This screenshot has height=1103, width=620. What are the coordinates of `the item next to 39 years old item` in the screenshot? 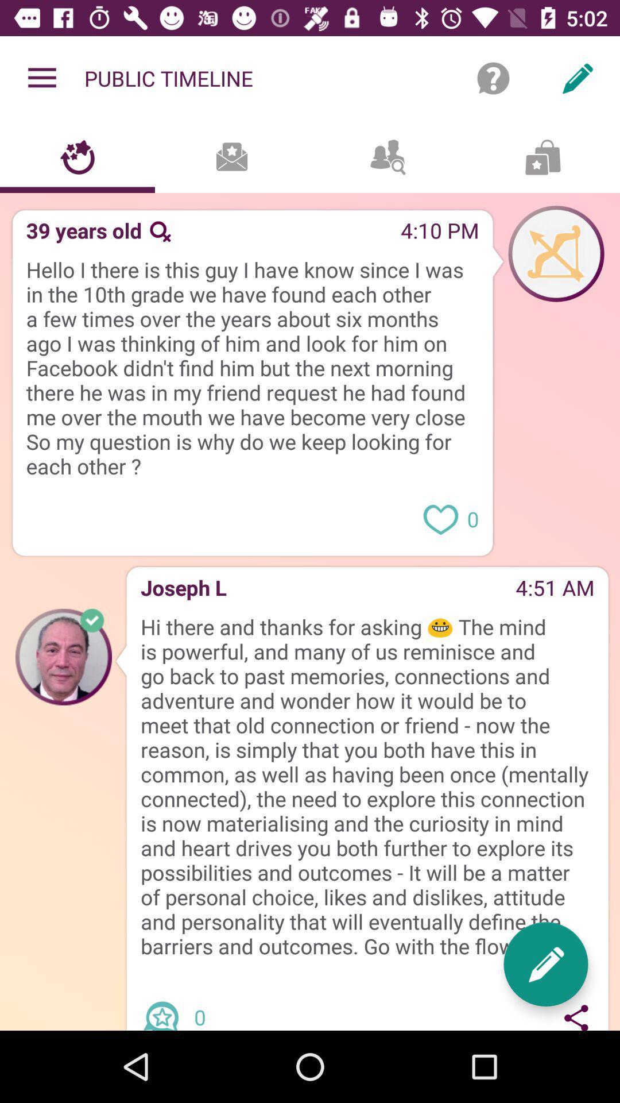 It's located at (160, 231).